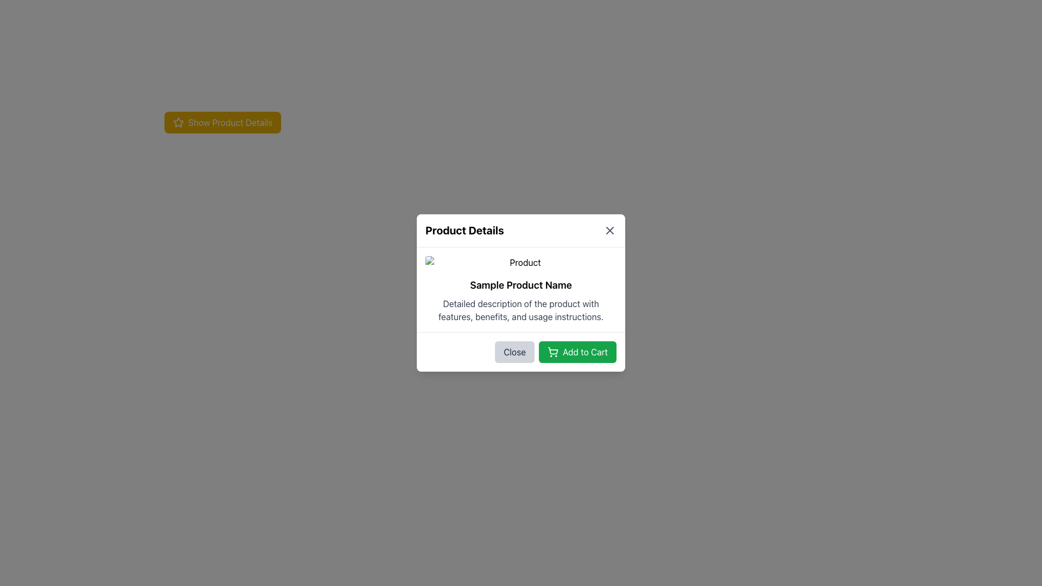  What do you see at coordinates (222, 122) in the screenshot?
I see `the 'Show Product Details' button with rounded edges, yellow background, and white text` at bounding box center [222, 122].